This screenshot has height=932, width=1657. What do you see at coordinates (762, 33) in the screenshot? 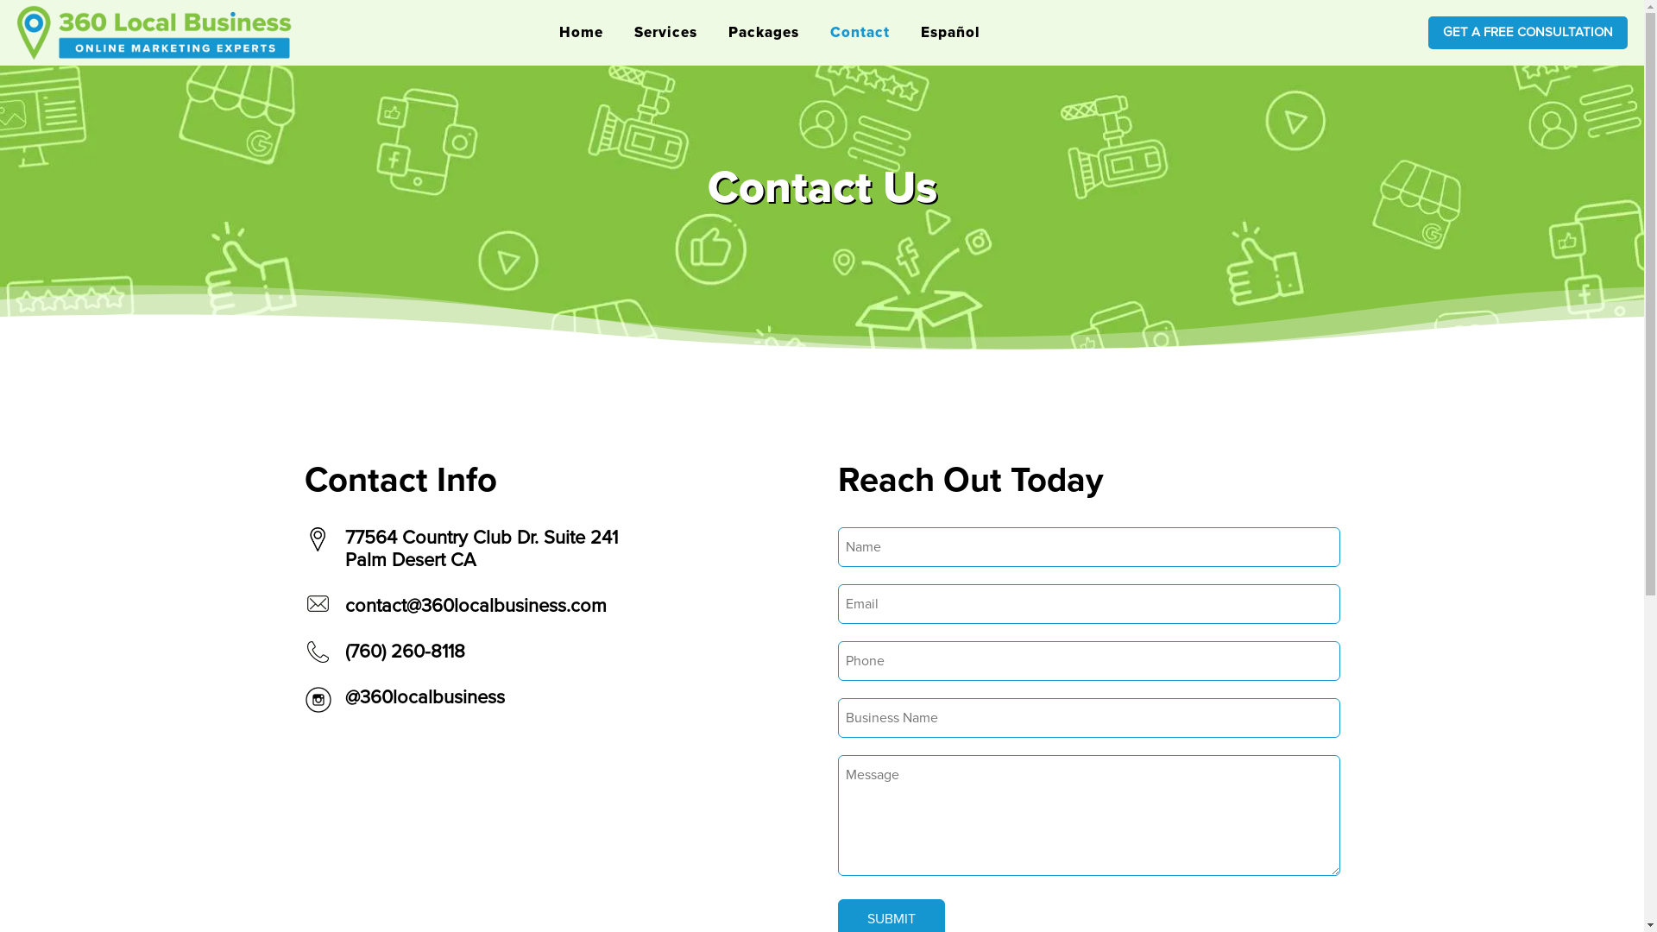
I see `'Packages'` at bounding box center [762, 33].